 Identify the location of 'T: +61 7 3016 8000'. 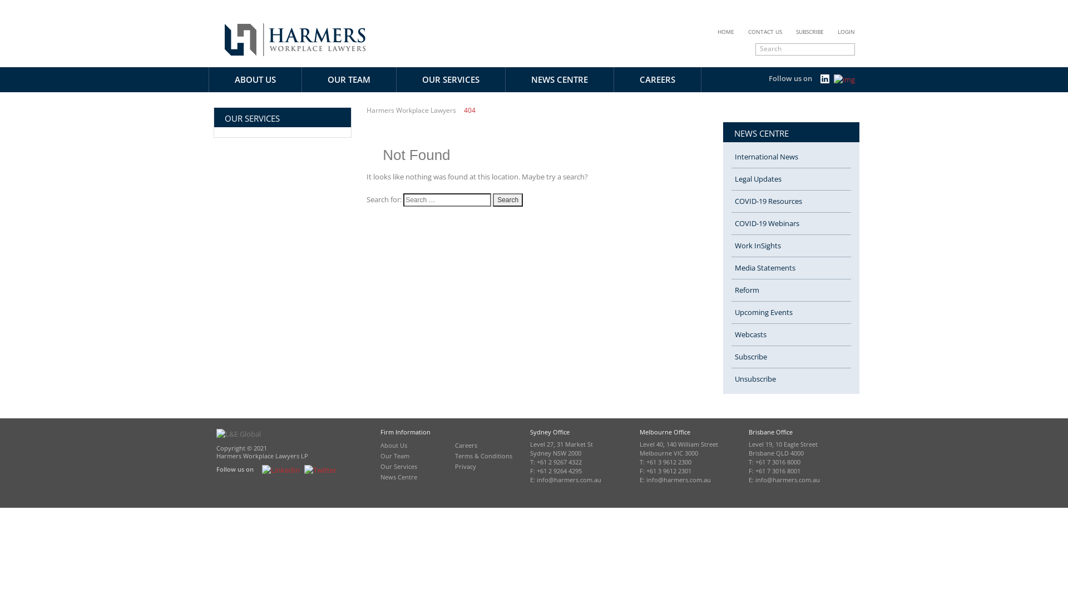
(748, 462).